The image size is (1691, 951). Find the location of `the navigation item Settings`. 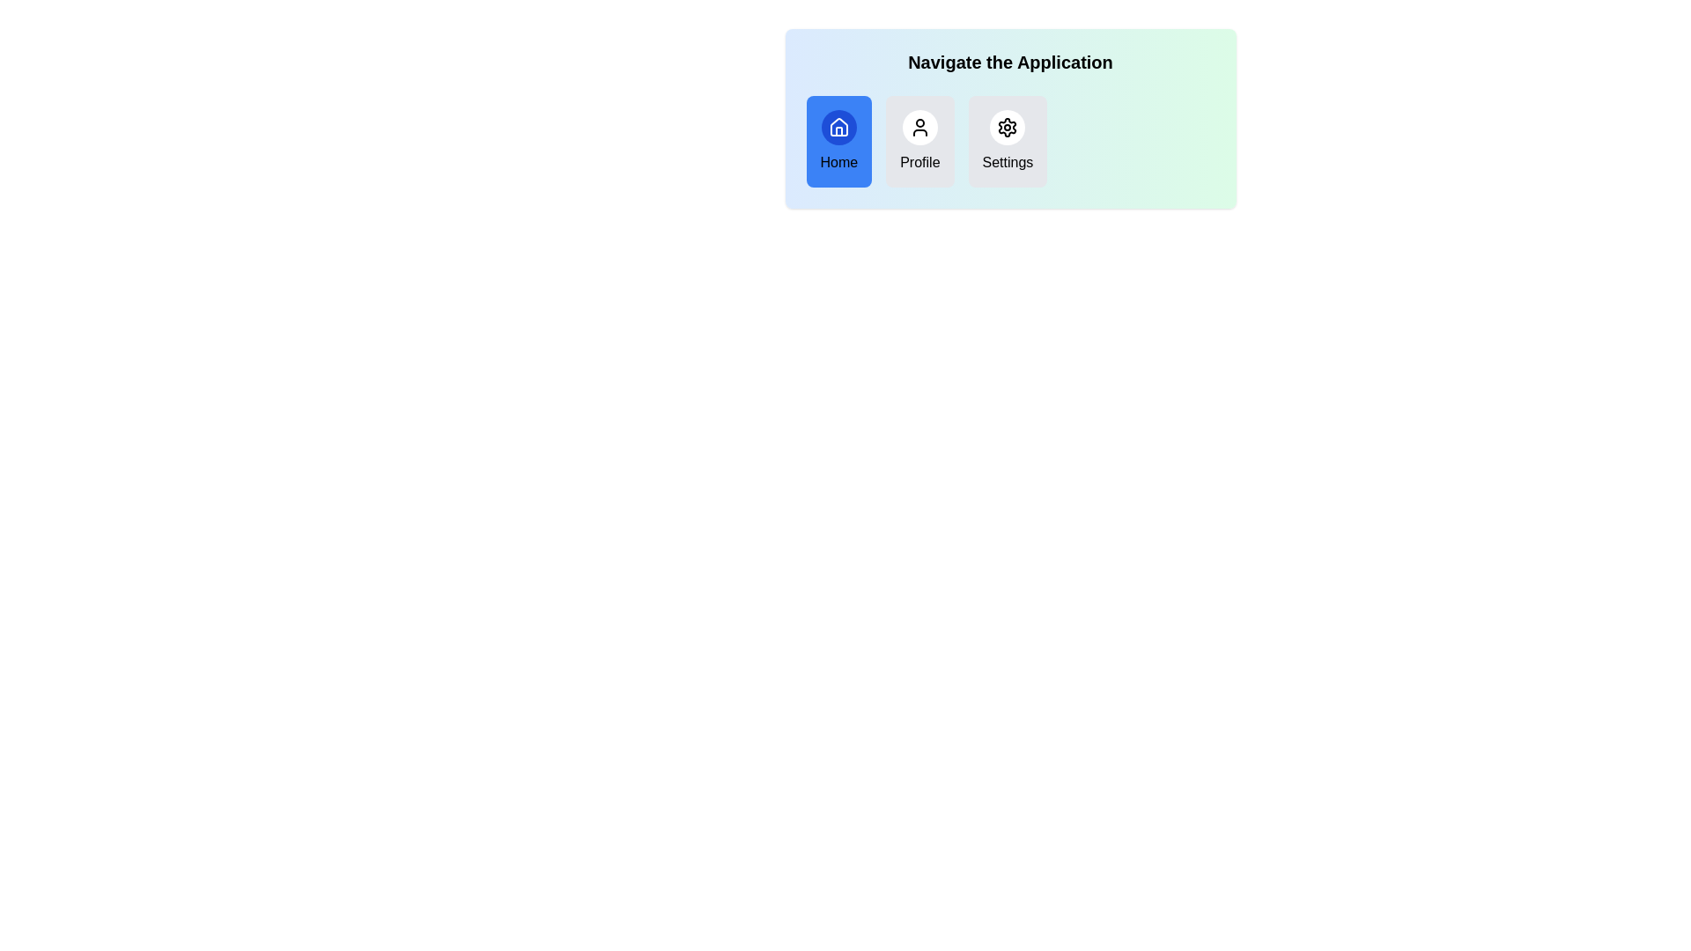

the navigation item Settings is located at coordinates (1008, 141).